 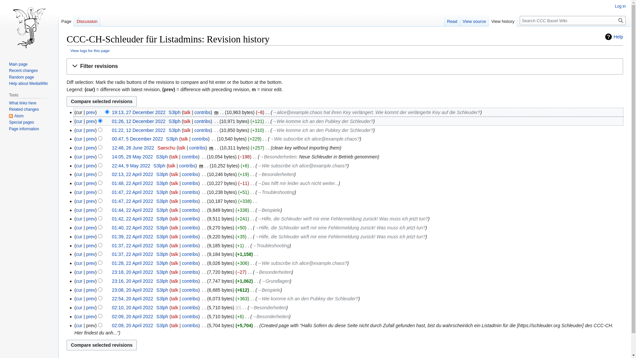 What do you see at coordinates (66, 58) in the screenshot?
I see `'Jump to navigation'` at bounding box center [66, 58].